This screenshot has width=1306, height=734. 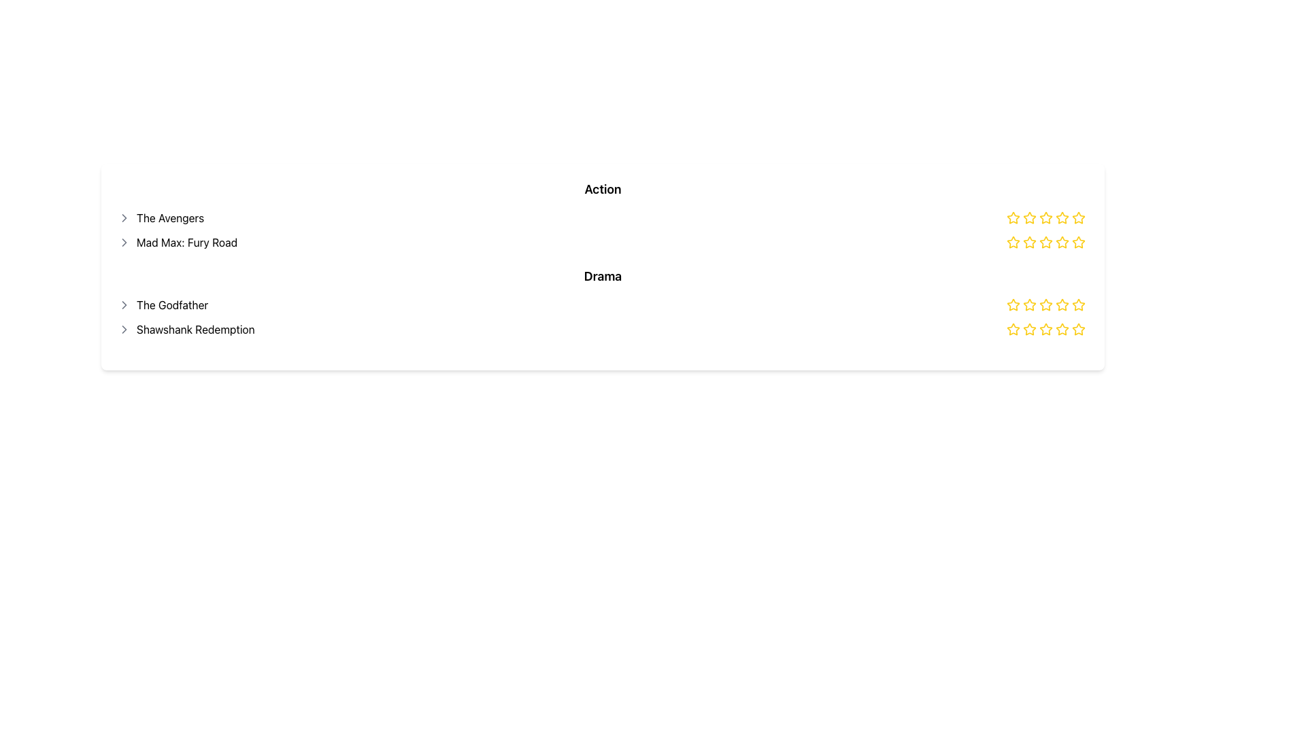 What do you see at coordinates (1045, 217) in the screenshot?
I see `the second star icon from the left in the second rating line, which has a yellow border and a central white fill` at bounding box center [1045, 217].